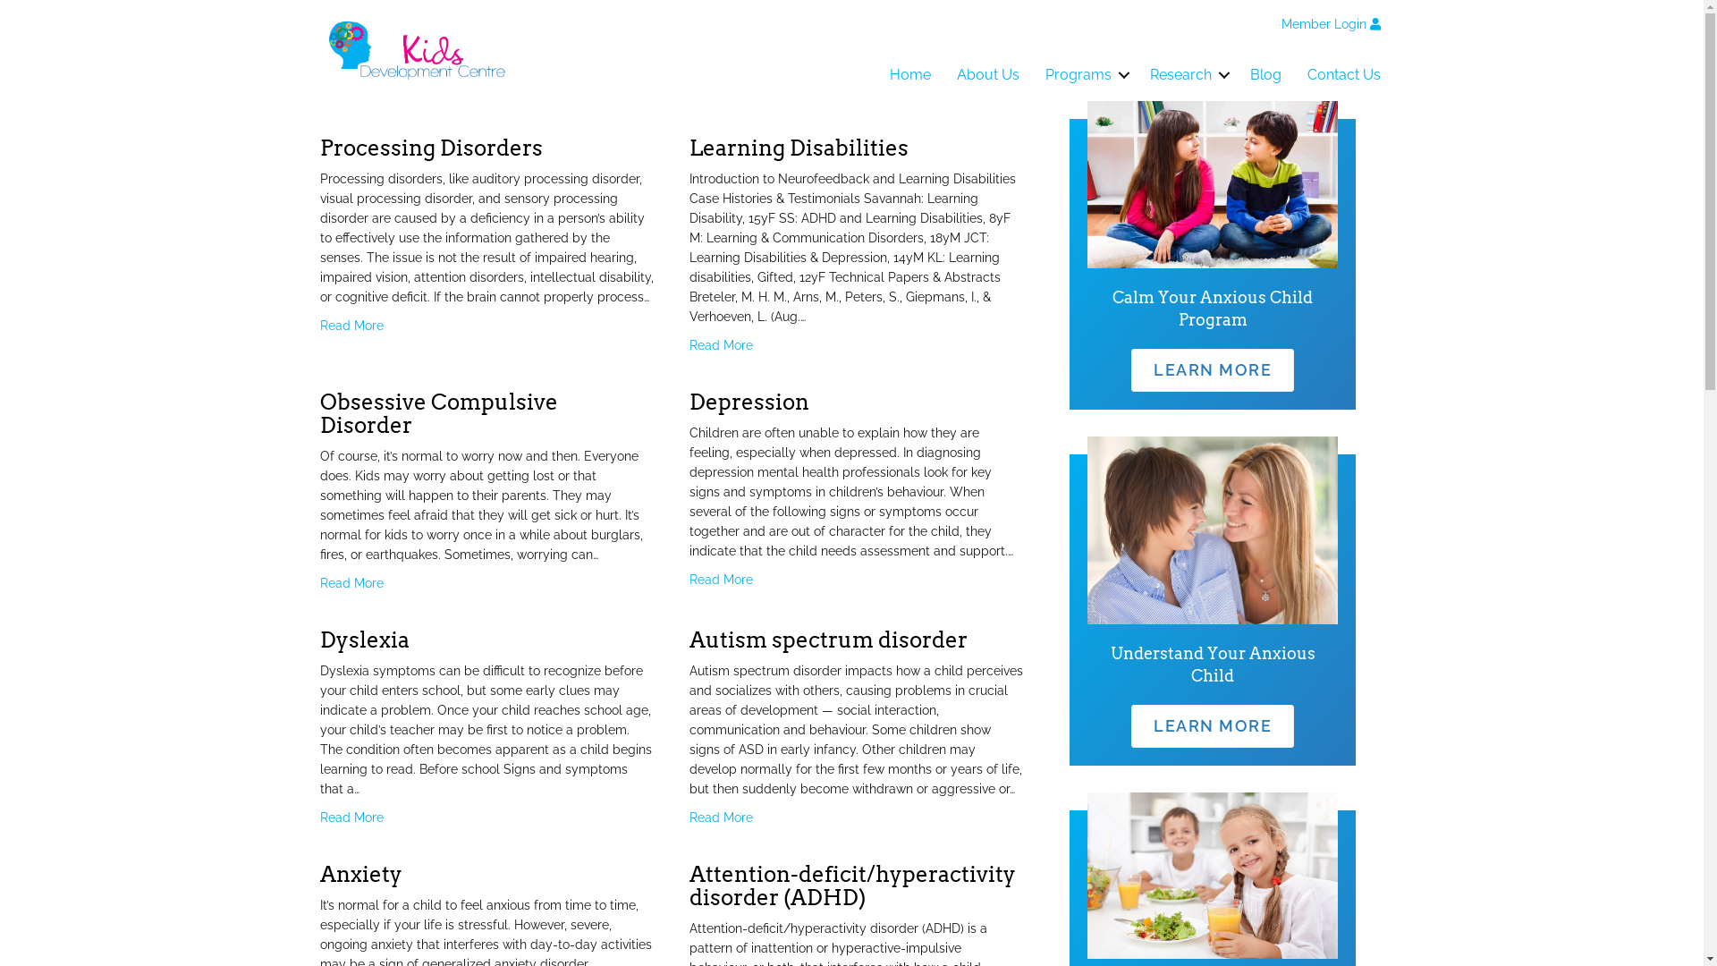  Describe the element at coordinates (364, 639) in the screenshot. I see `'Dyslexia'` at that location.